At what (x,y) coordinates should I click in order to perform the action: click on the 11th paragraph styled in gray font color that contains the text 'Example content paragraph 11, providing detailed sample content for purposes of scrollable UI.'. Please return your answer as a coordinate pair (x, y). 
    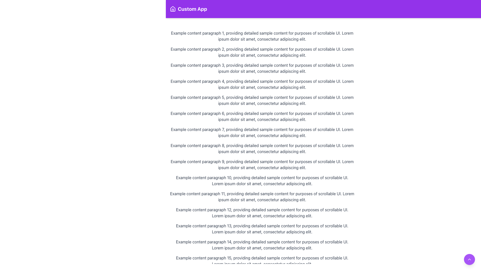
    Looking at the image, I should click on (262, 196).